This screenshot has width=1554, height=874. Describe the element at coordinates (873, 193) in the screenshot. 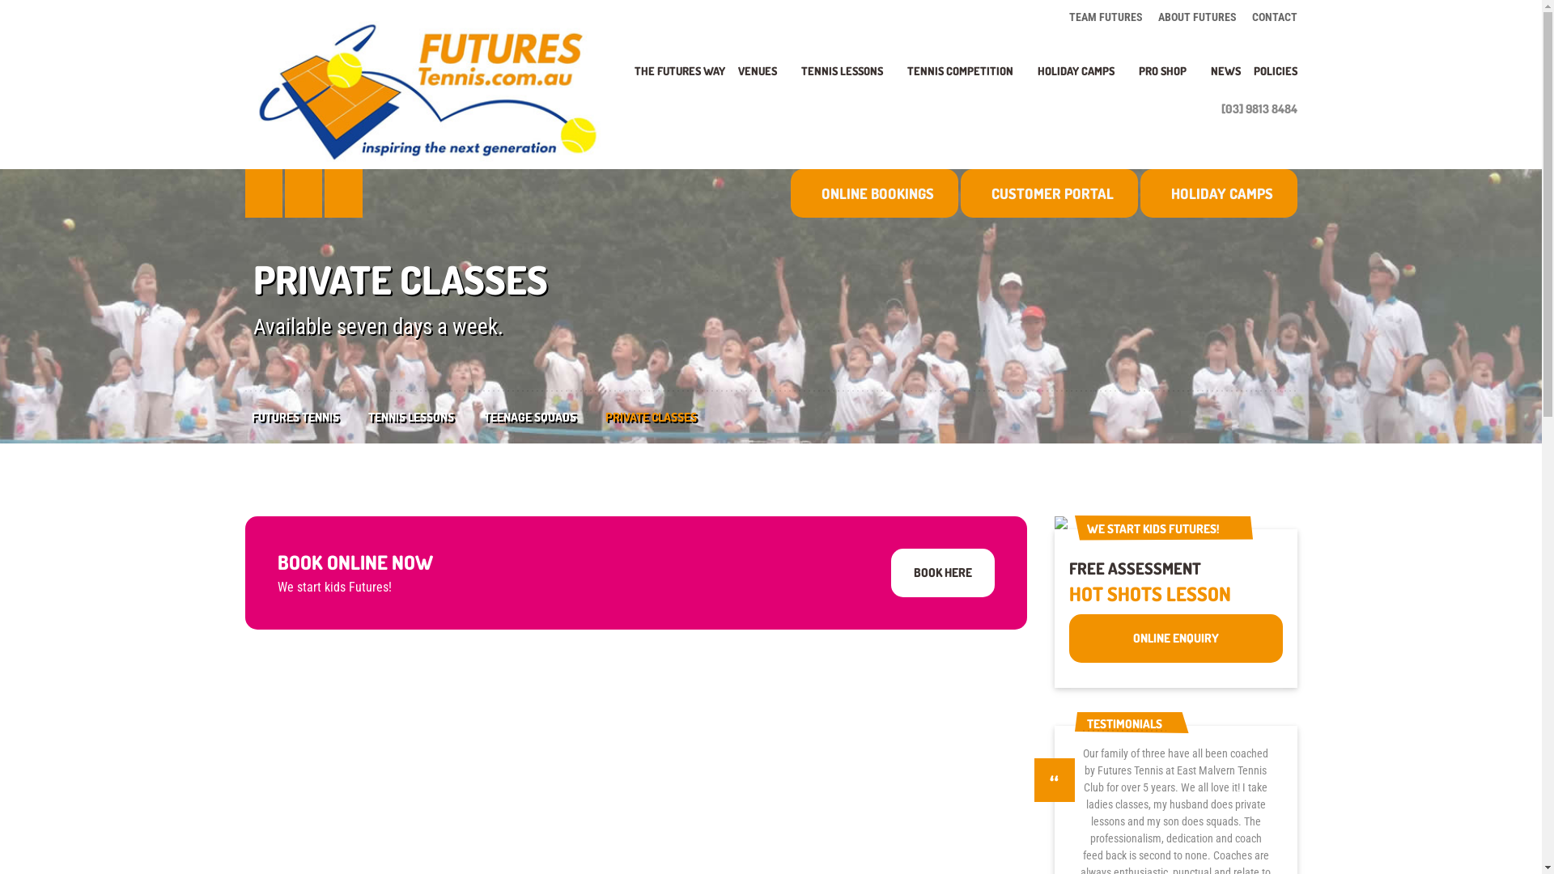

I see `'ONLINE BOOKINGS'` at that location.